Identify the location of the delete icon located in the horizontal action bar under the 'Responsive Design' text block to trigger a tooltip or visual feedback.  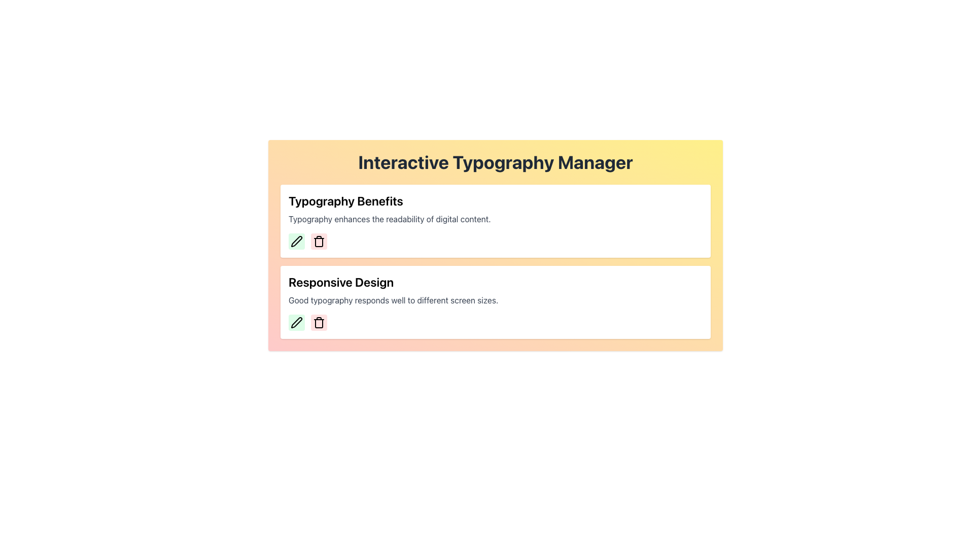
(318, 241).